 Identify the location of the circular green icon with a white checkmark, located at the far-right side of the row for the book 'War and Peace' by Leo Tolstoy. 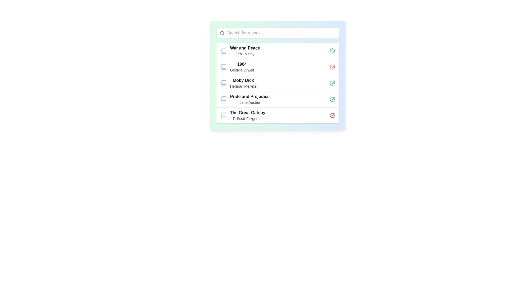
(332, 51).